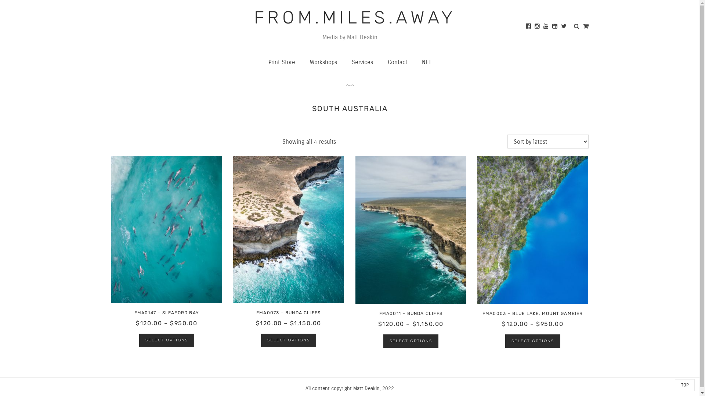 This screenshot has width=705, height=396. I want to click on 'Services', so click(362, 62).